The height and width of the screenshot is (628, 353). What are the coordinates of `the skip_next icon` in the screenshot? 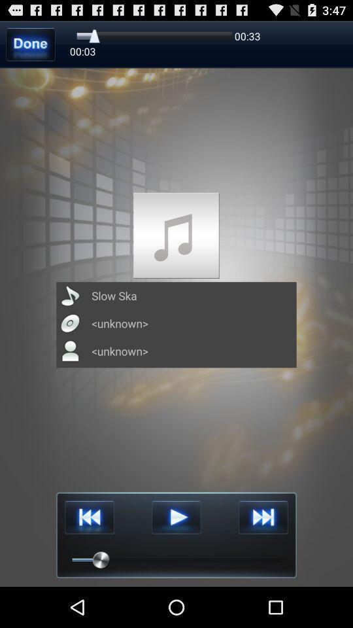 It's located at (263, 553).